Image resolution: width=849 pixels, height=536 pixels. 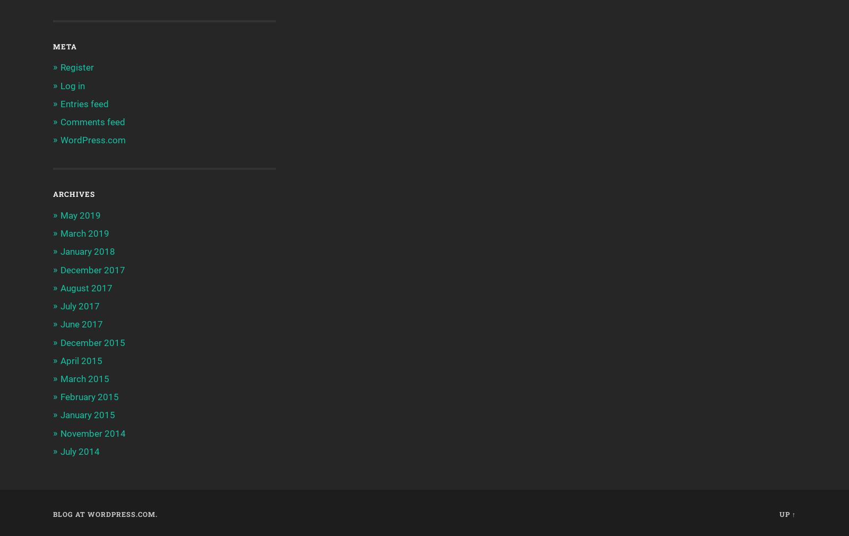 I want to click on 'Comments feed', so click(x=92, y=121).